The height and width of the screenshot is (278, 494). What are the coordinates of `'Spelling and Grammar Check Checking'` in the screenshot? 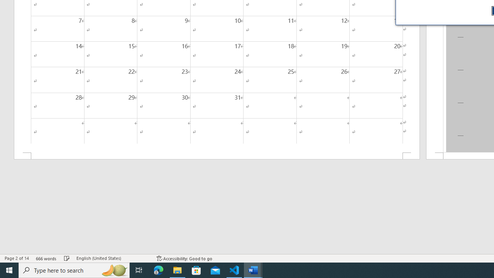 It's located at (67, 258).